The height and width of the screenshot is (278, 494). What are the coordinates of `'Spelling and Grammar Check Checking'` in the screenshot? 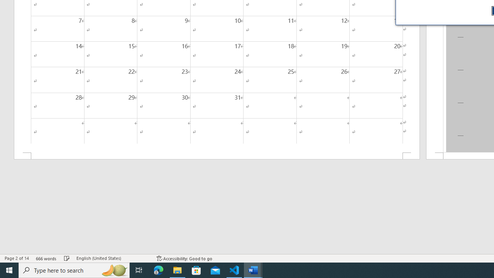 It's located at (67, 258).